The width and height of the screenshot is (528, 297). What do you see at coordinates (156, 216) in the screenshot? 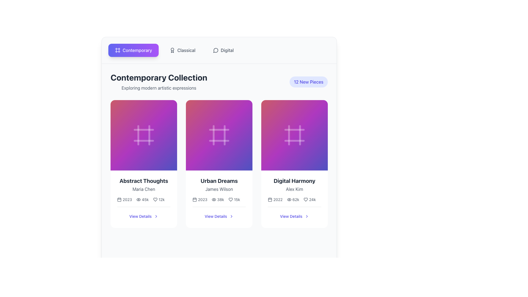
I see `the right-facing chevron icon next to the text 'View Details'` at bounding box center [156, 216].